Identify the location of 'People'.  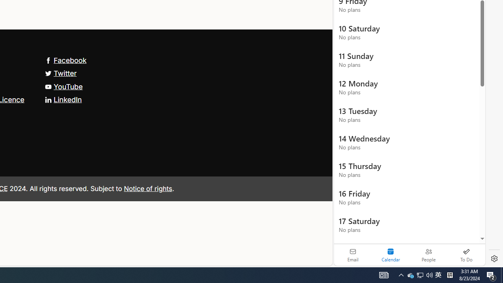
(428, 255).